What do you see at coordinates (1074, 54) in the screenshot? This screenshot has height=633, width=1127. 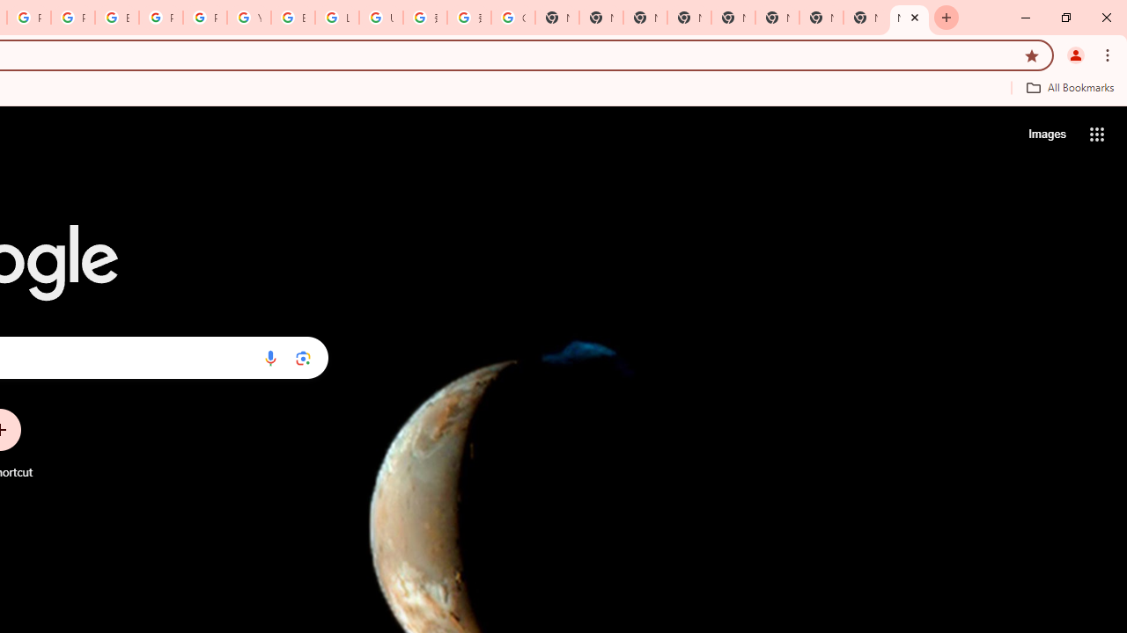 I see `'You'` at bounding box center [1074, 54].